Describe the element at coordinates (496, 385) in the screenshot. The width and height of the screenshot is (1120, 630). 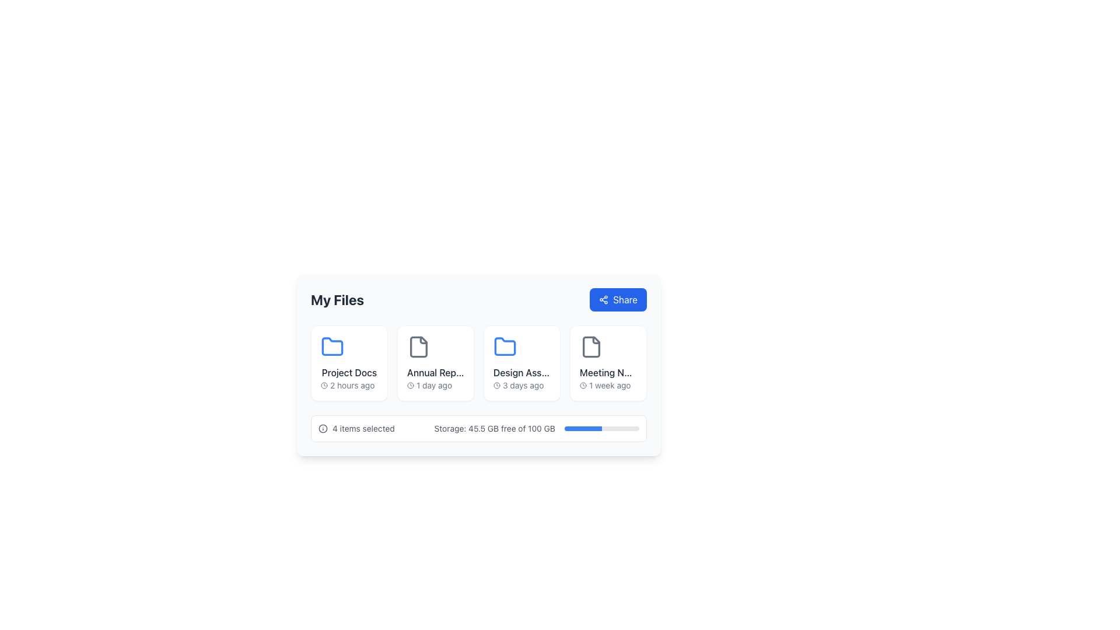
I see `the small clock icon that enhances the timestamp information '3 days ago' within the 'Design Assets' file card` at that location.